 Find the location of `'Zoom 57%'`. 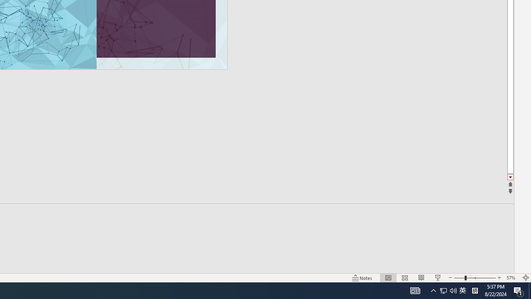

'Zoom 57%' is located at coordinates (512, 278).